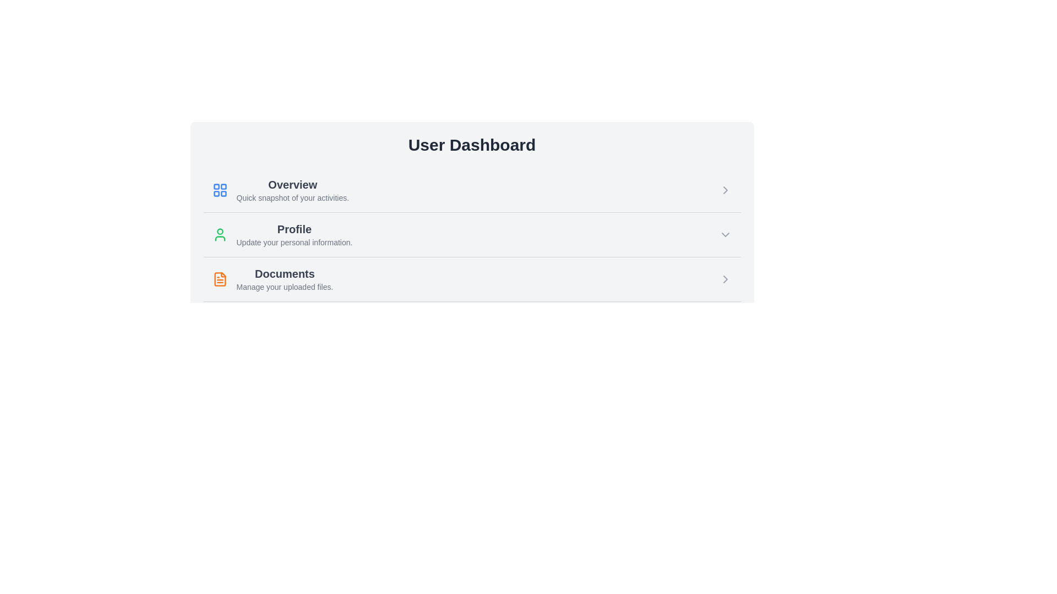 This screenshot has width=1057, height=594. I want to click on the chevron icon on the far right of the bottom row, which is associated with the 'Documents' text, so click(725, 190).